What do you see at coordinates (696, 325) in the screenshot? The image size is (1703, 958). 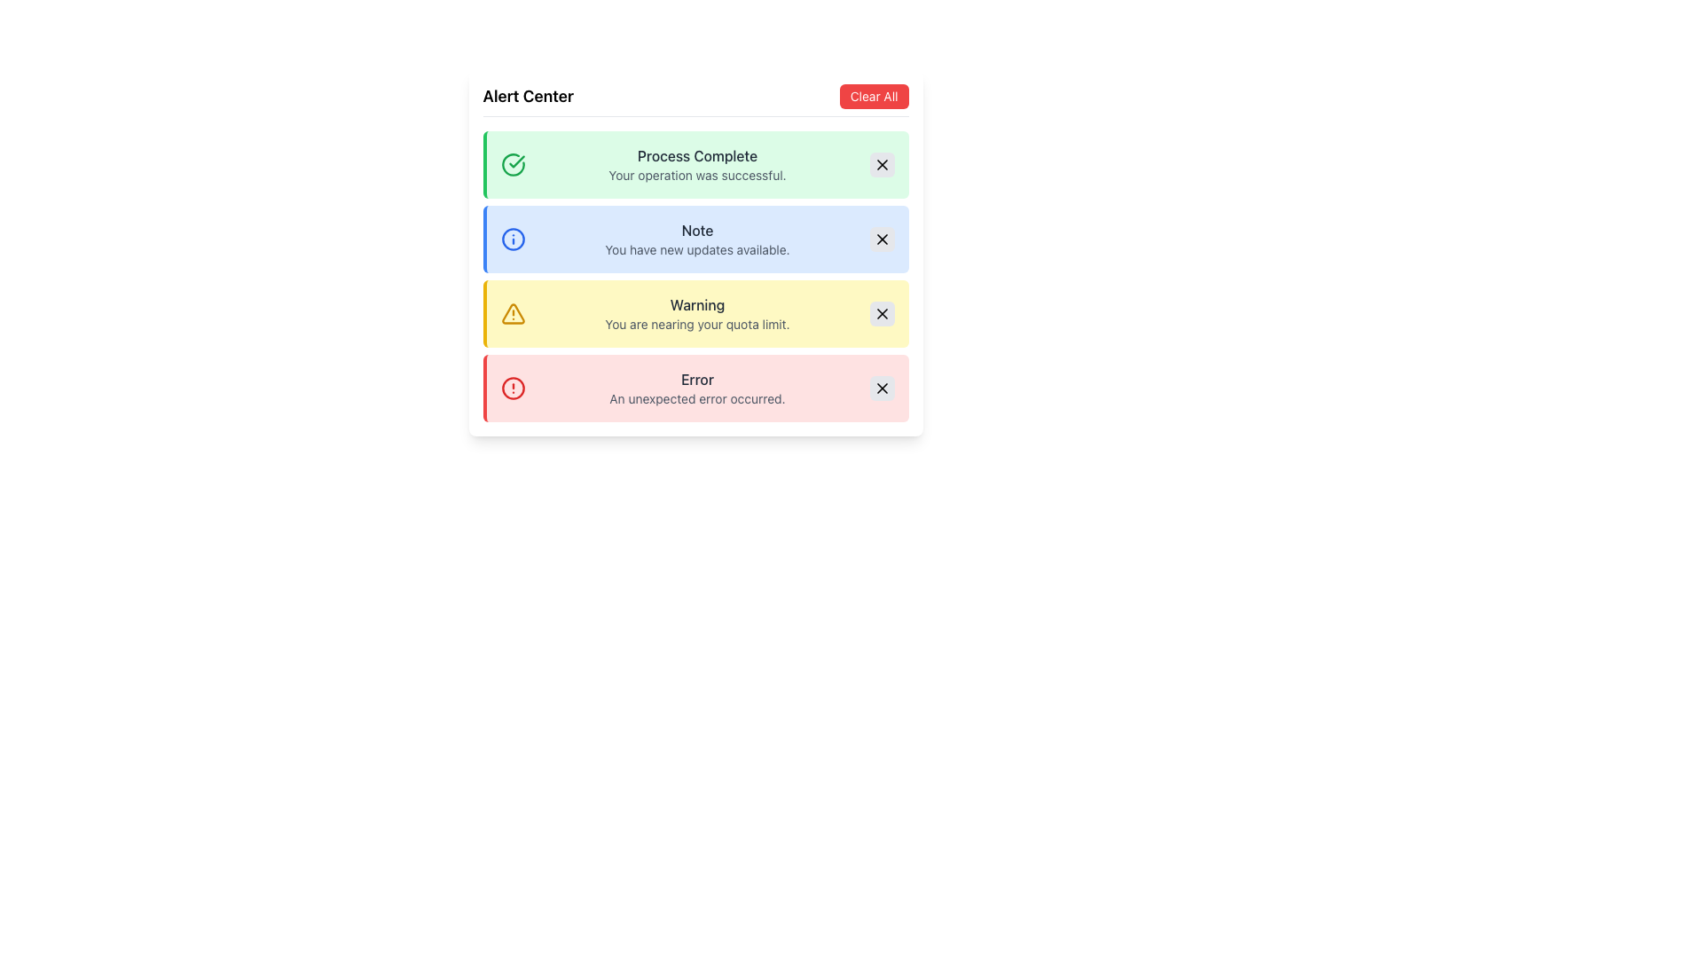 I see `the Text Label that provides information about nearing a quota limit, located under the 'Warning' title in the notification center` at bounding box center [696, 325].